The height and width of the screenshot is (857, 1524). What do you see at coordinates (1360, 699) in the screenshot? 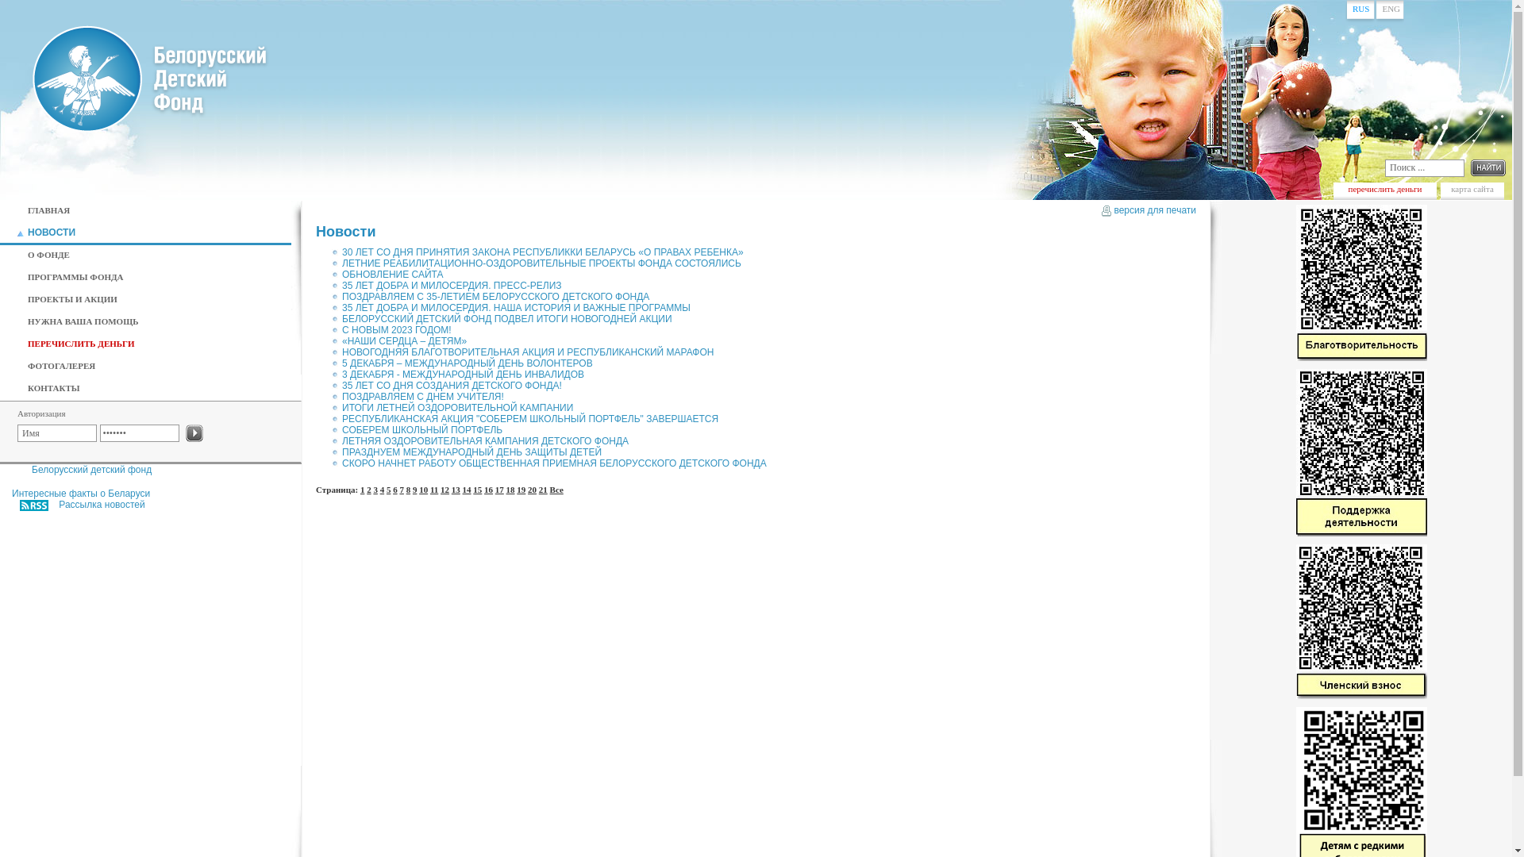
I see `'Membership'` at bounding box center [1360, 699].